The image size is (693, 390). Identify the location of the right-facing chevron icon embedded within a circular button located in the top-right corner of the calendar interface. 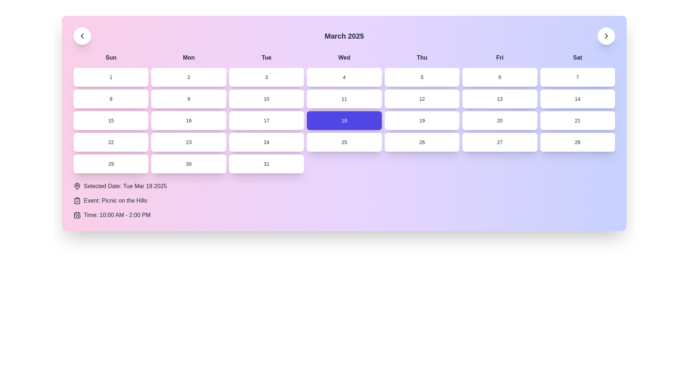
(606, 36).